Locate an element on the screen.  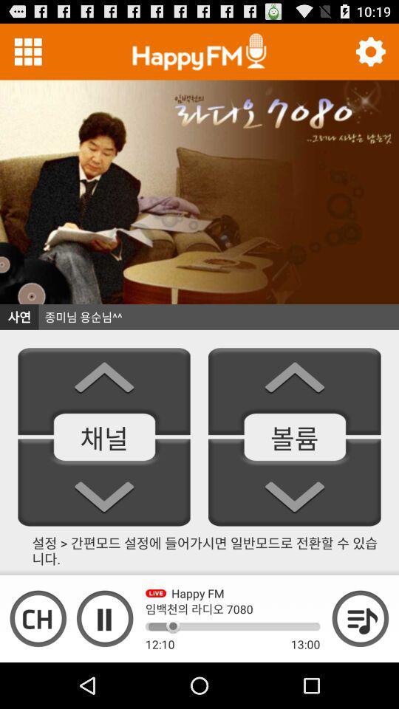
the dialpad icon is located at coordinates (28, 55).